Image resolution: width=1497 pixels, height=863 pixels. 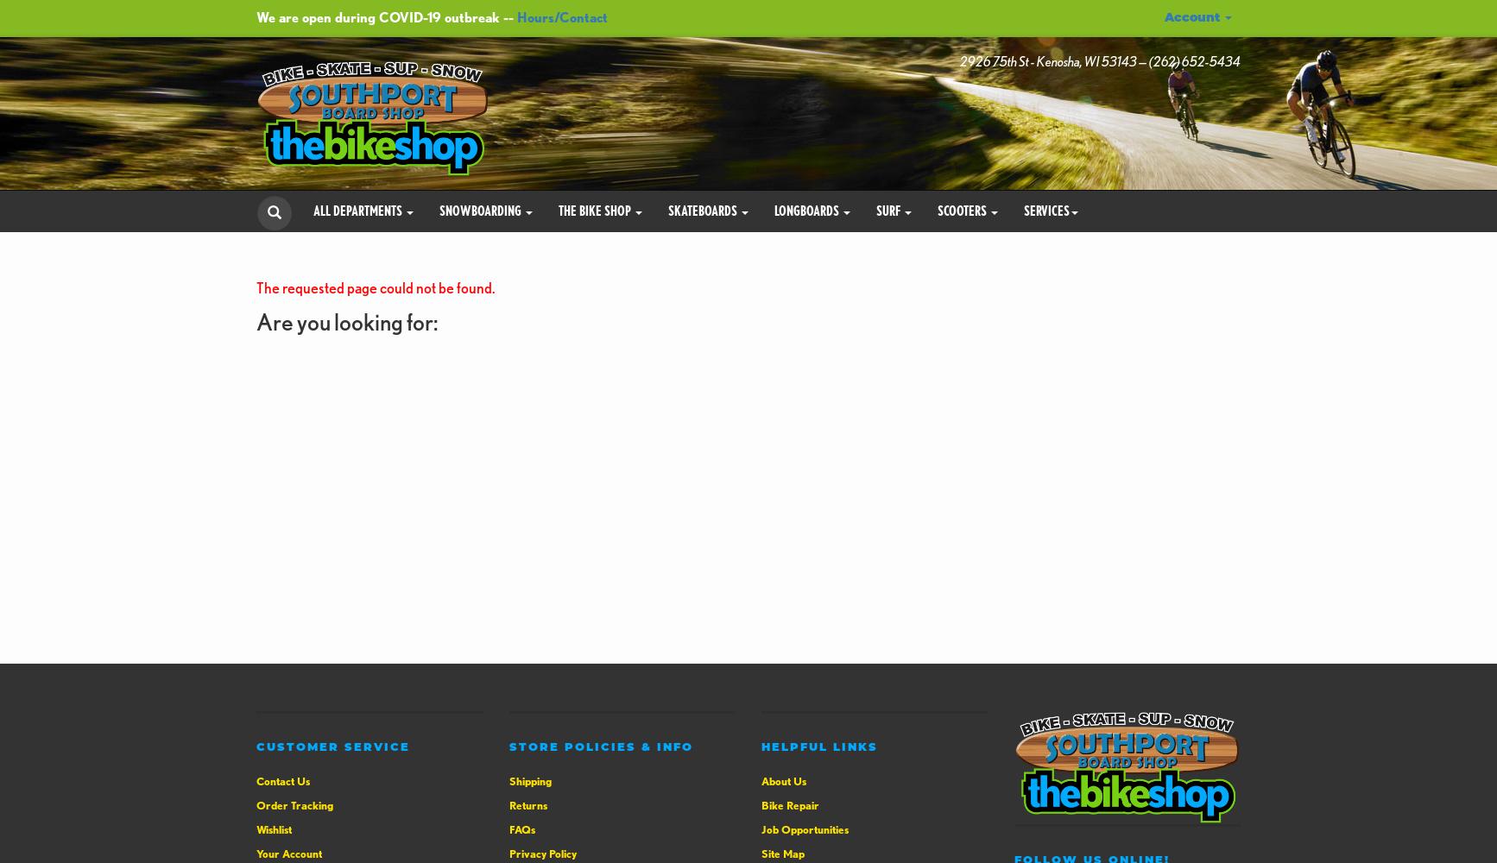 What do you see at coordinates (508, 780) in the screenshot?
I see `'Shipping'` at bounding box center [508, 780].